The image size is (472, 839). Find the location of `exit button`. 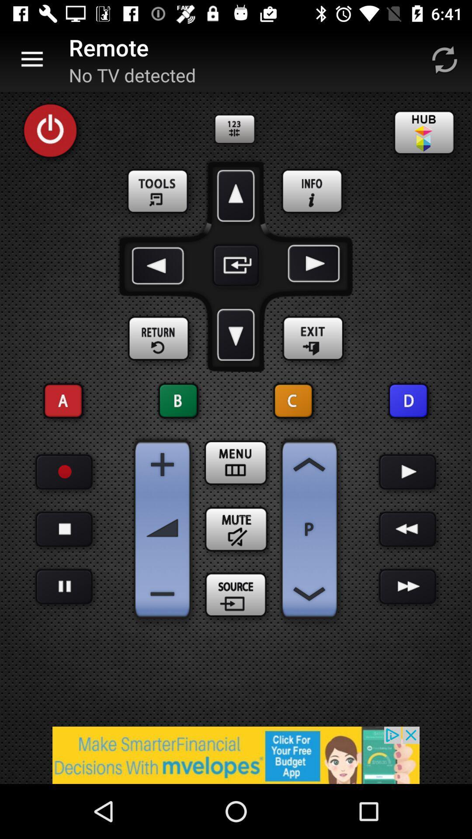

exit button is located at coordinates (312, 338).